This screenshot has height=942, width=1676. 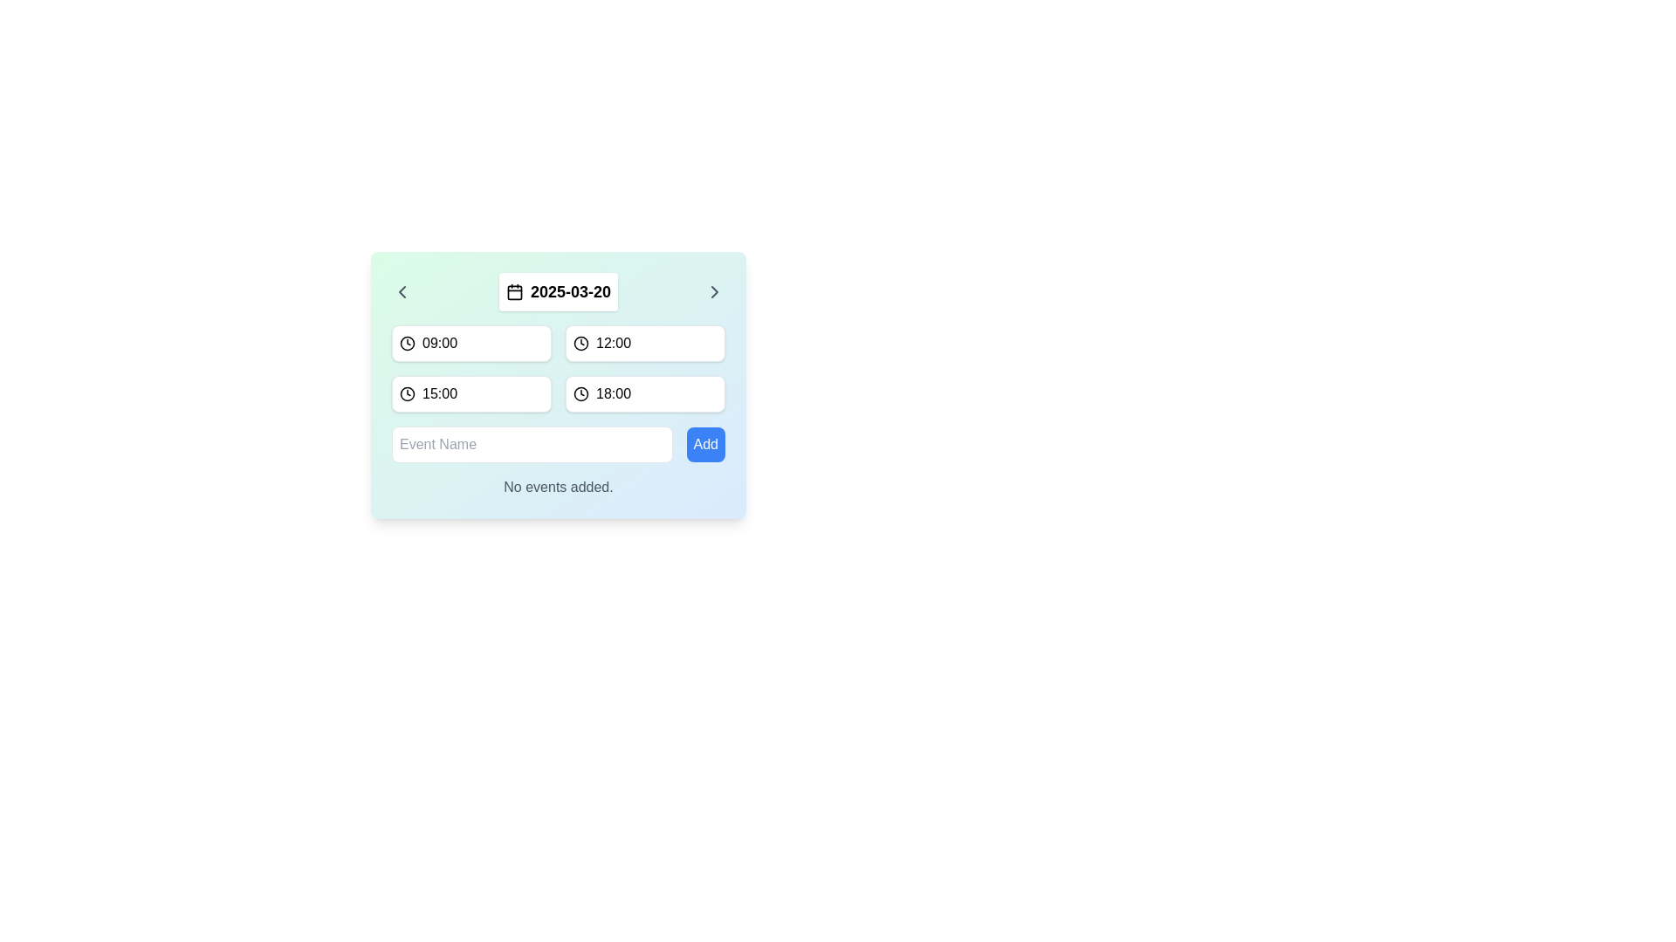 I want to click on the clock icon element, which is a circular border forming part of the clock design, located to the left of the '12:00' time input field in the time-entry section, so click(x=581, y=343).